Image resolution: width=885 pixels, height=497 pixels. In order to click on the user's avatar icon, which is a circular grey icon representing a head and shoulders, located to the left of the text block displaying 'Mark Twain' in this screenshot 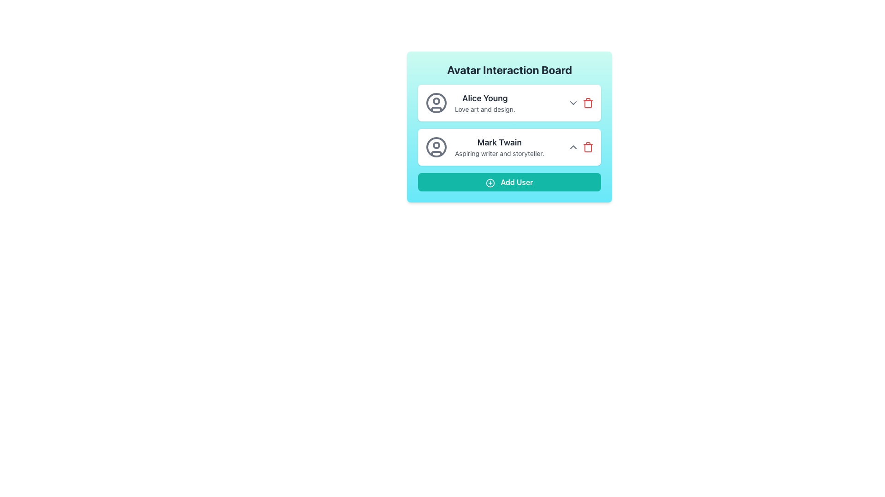, I will do `click(436, 147)`.